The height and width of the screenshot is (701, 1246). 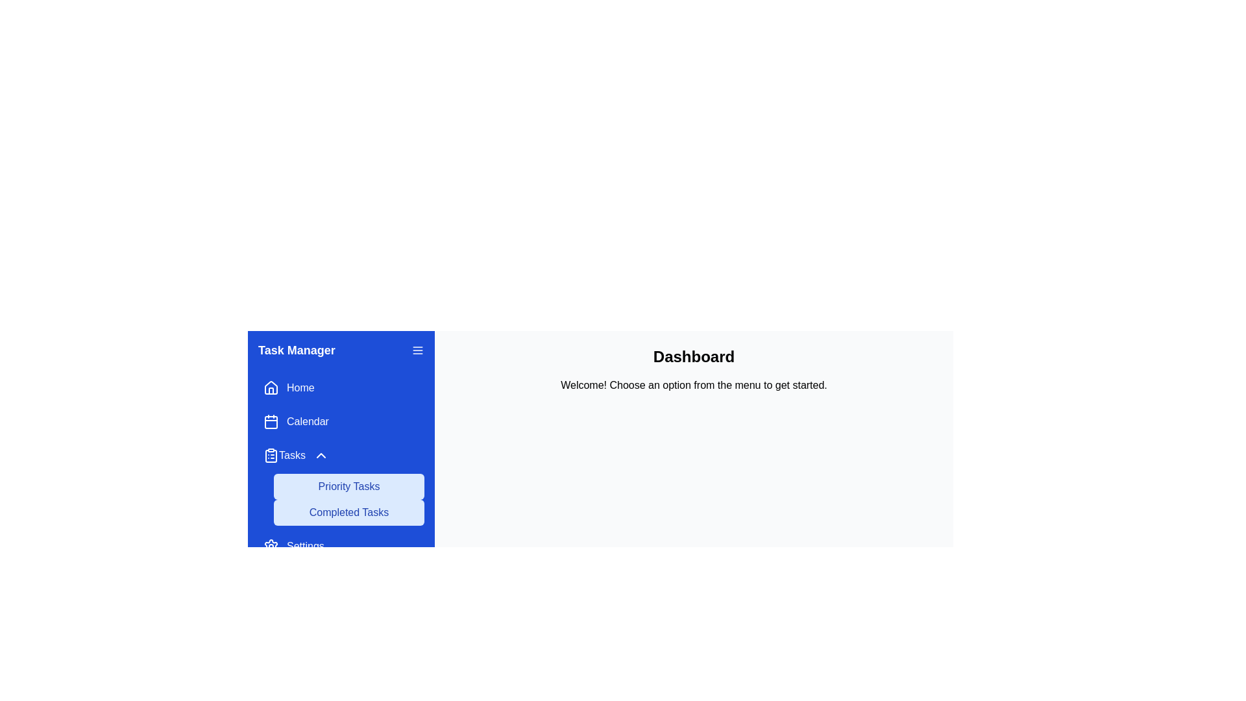 I want to click on the calendar icon, which is the first icon on the left side of the 'Calendar' button in the sidebar, between the 'Home' and 'Tasks' options, so click(x=270, y=422).